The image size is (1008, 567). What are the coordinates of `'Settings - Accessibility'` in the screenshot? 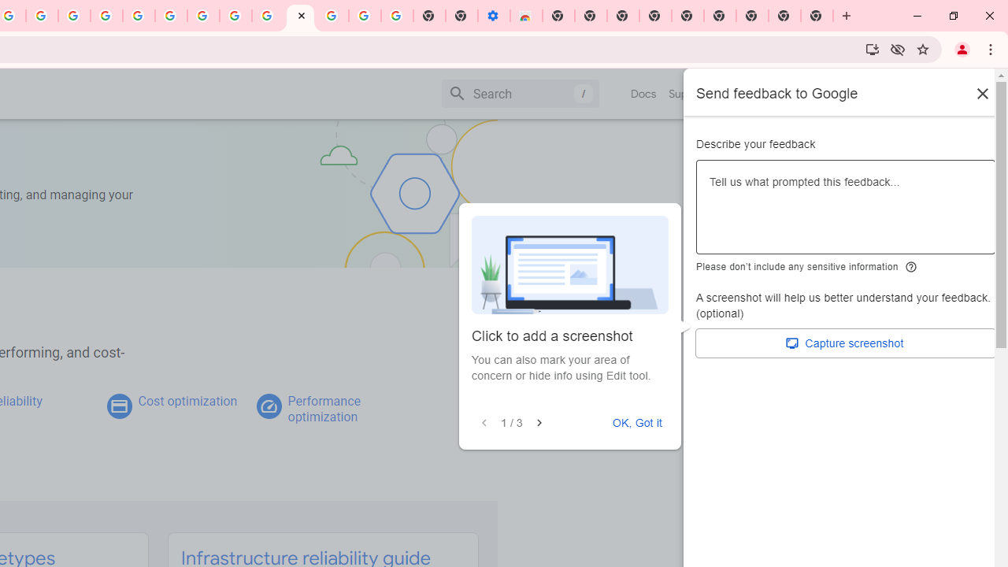 It's located at (493, 16).